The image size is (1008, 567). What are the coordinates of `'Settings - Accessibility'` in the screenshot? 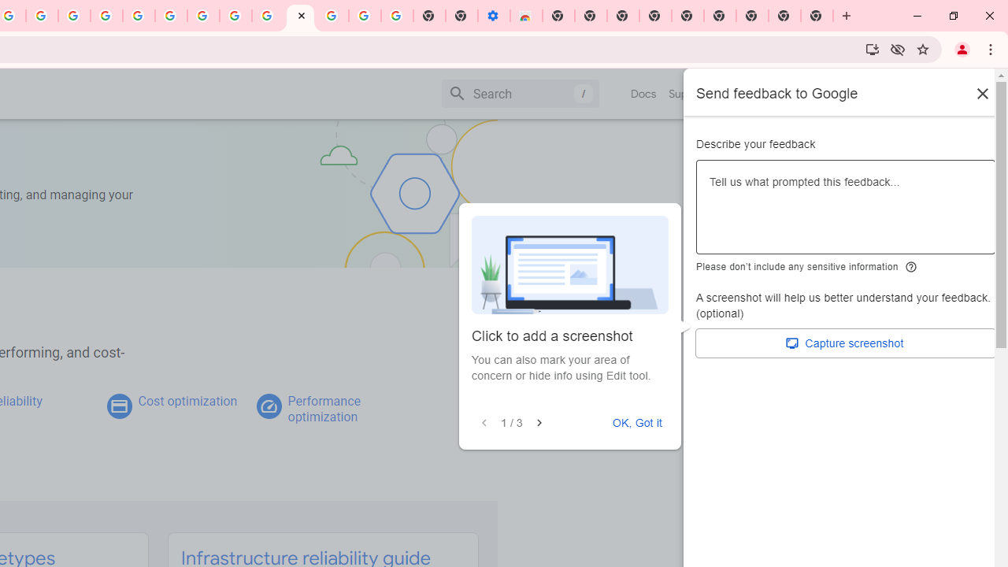 It's located at (493, 16).